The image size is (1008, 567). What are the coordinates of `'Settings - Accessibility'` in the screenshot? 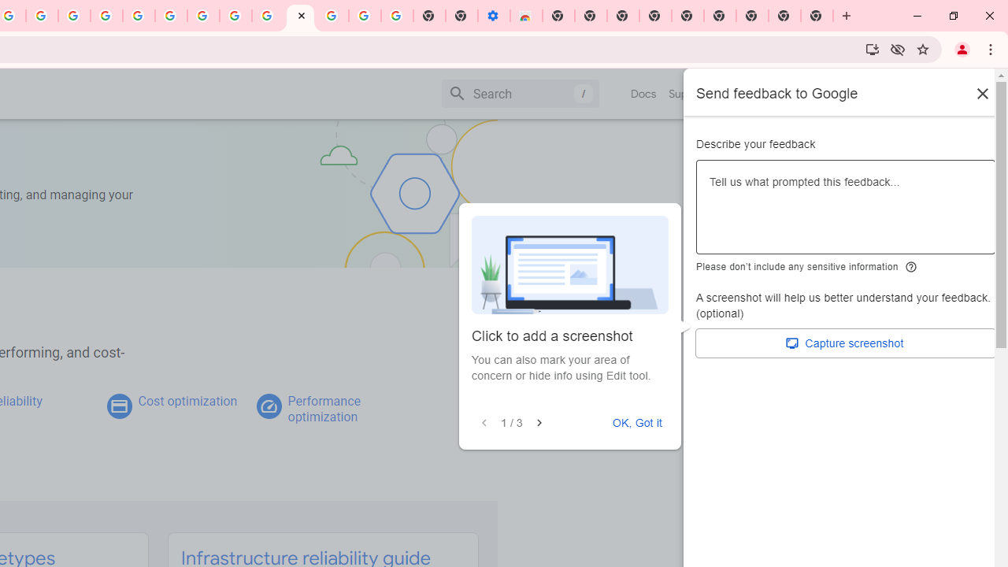 It's located at (493, 16).